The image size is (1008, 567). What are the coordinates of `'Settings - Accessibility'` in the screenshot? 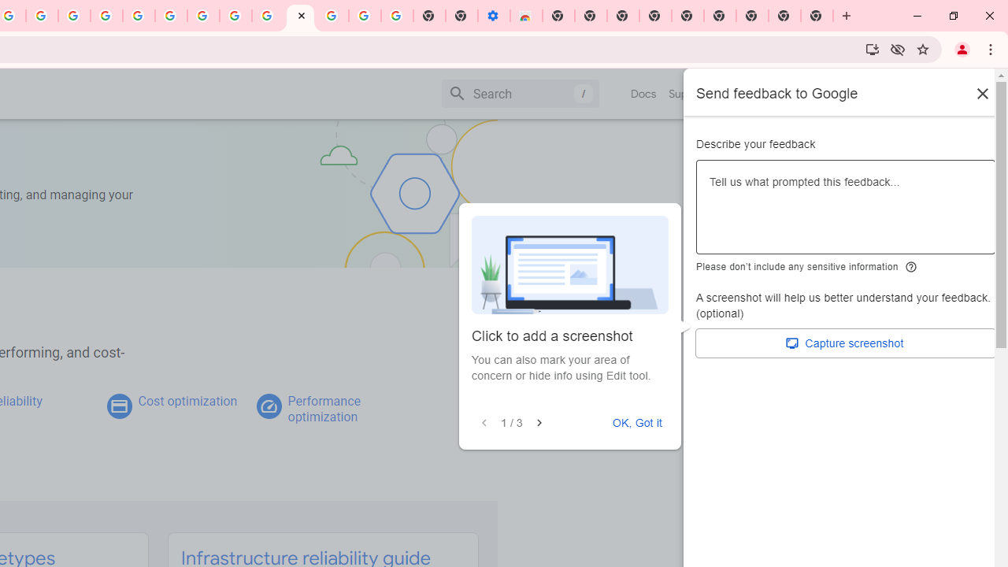 It's located at (493, 16).